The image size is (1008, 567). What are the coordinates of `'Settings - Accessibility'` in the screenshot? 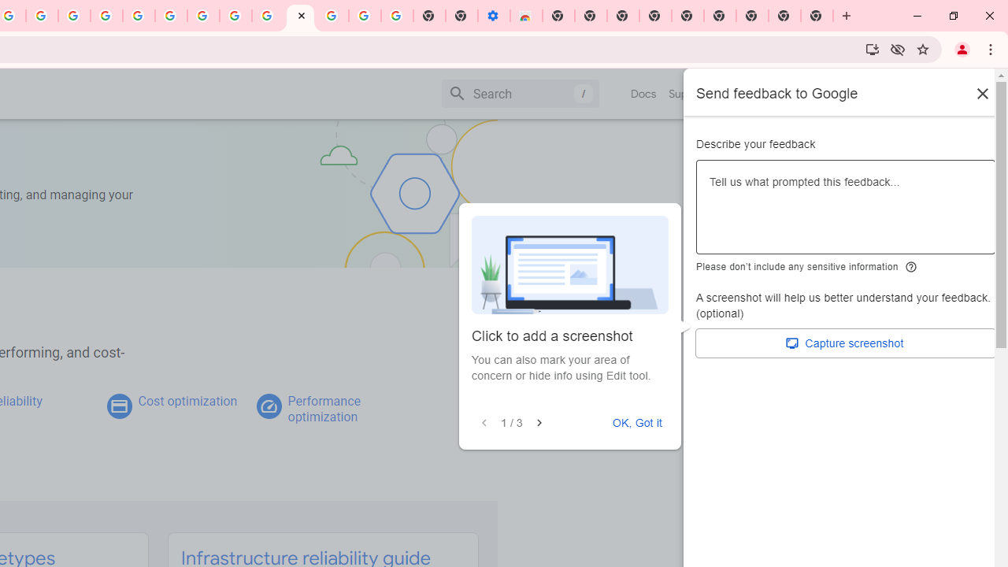 It's located at (493, 16).